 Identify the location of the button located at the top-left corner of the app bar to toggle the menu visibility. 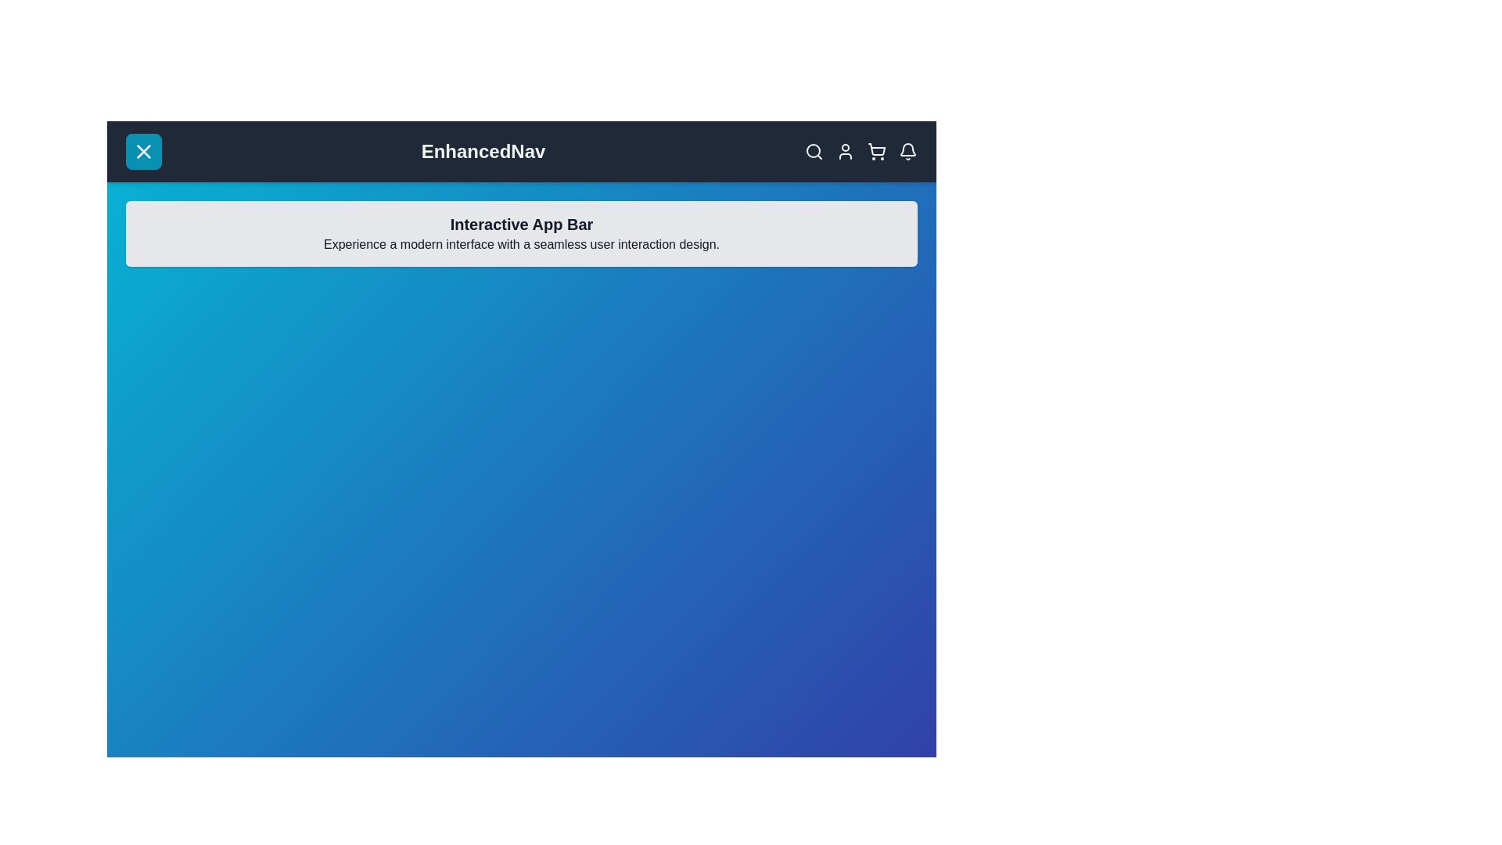
(143, 151).